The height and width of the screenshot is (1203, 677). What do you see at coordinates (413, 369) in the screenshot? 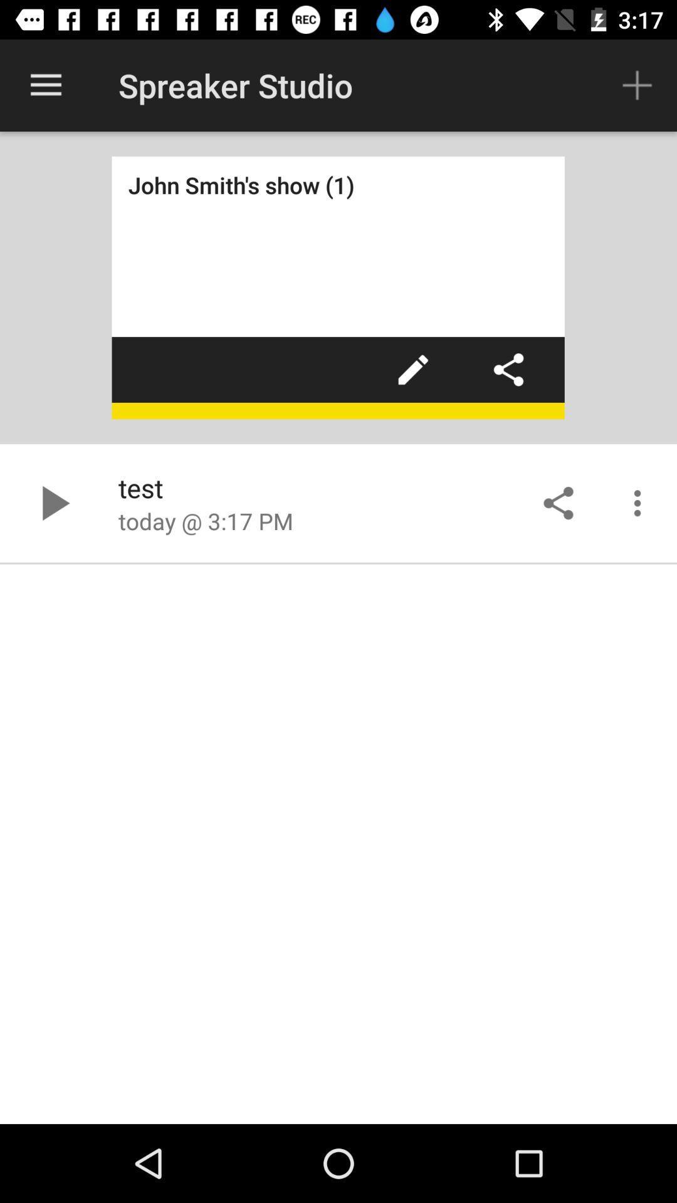
I see `the edit icon` at bounding box center [413, 369].